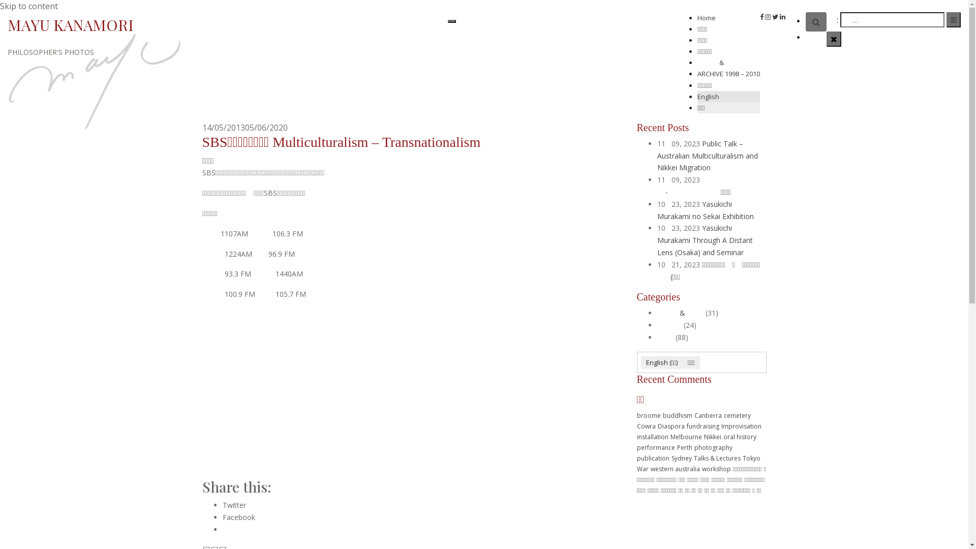 Image resolution: width=976 pixels, height=549 pixels. I want to click on 'Talks & Lectures', so click(716, 458).